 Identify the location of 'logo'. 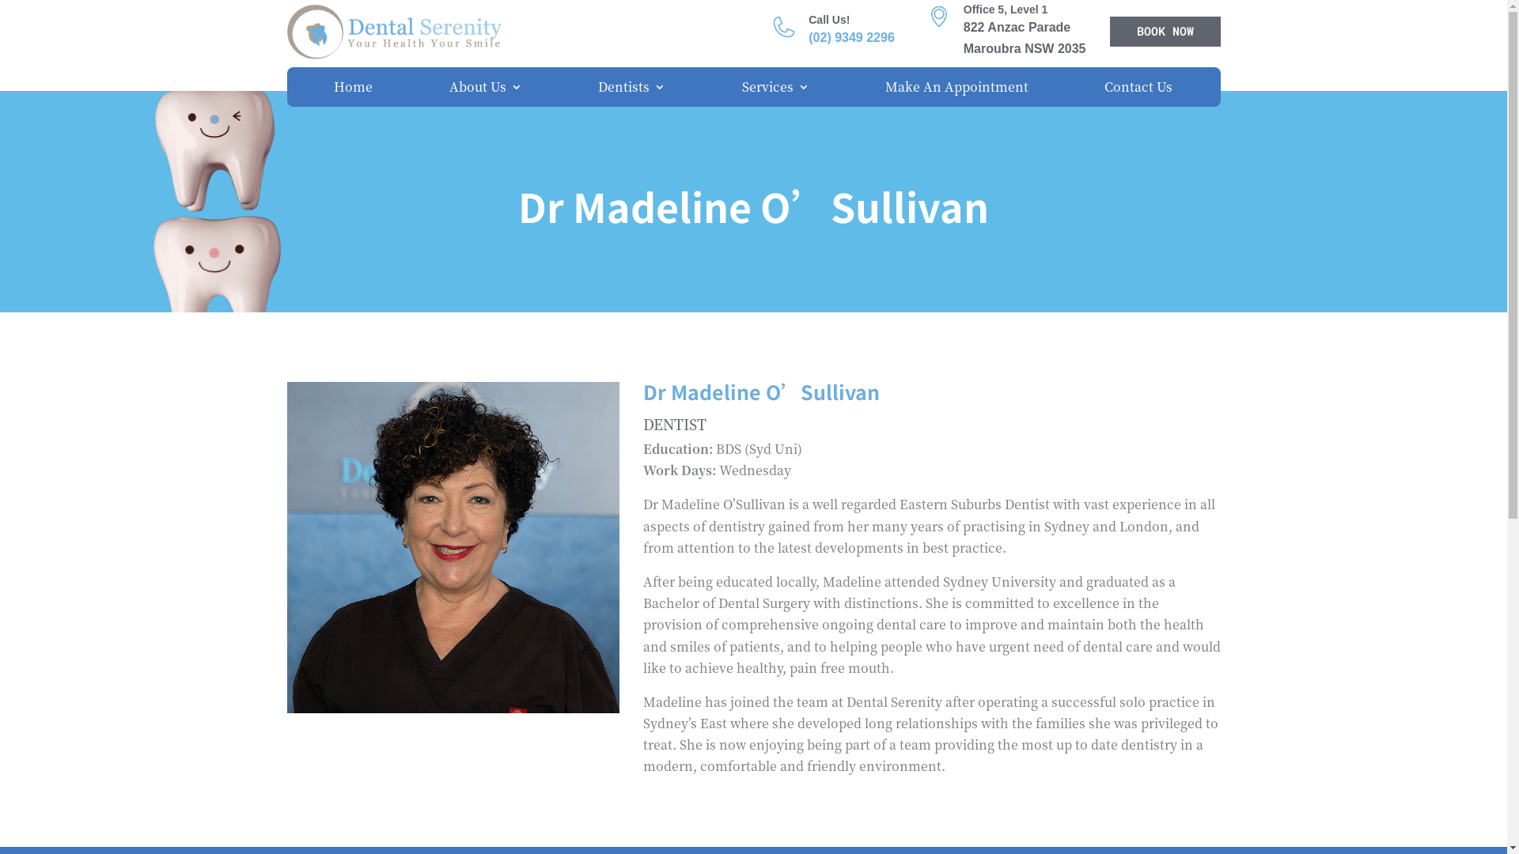
(393, 31).